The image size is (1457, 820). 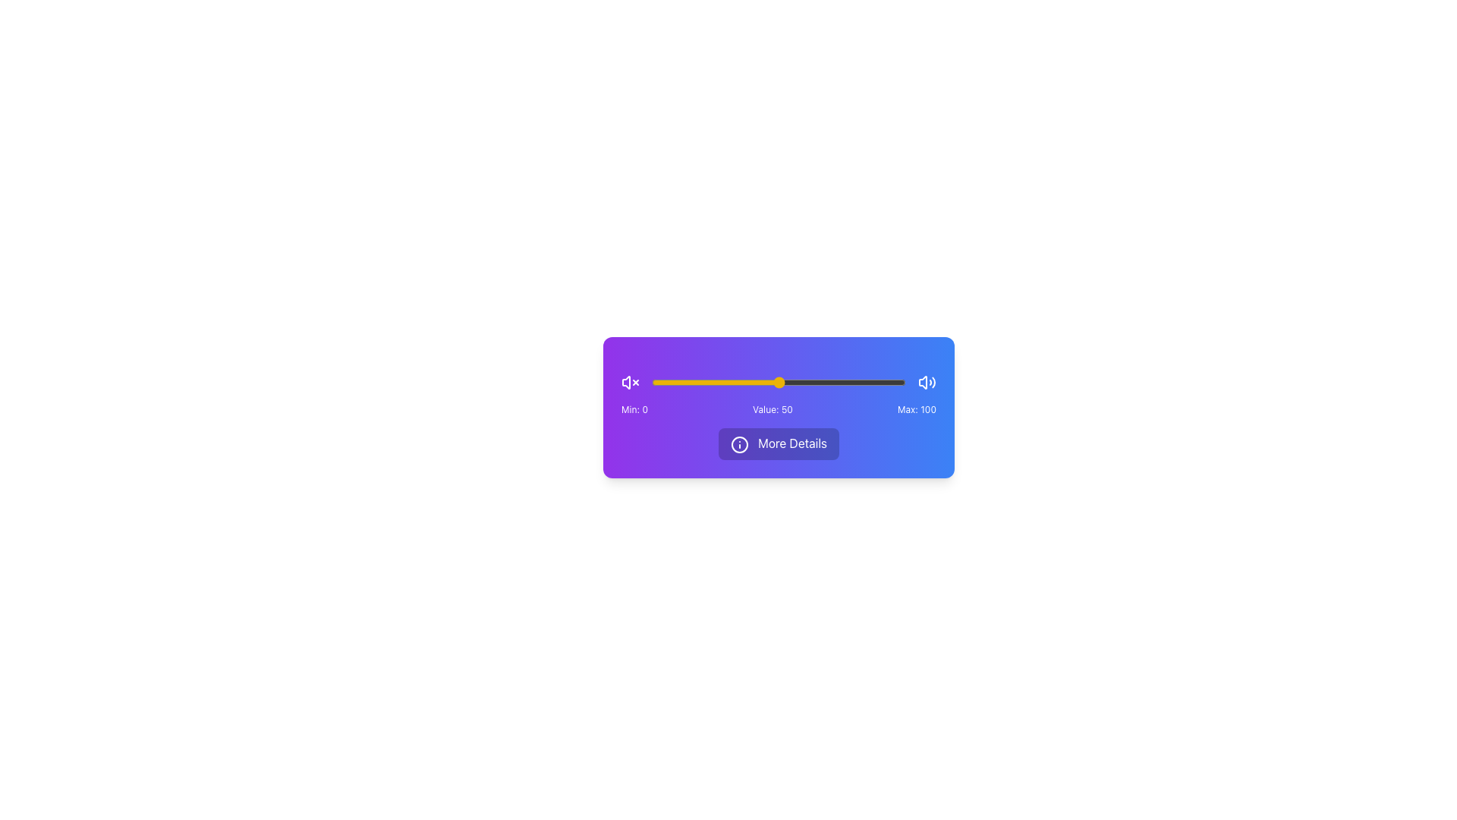 What do you see at coordinates (714, 382) in the screenshot?
I see `the slider value` at bounding box center [714, 382].